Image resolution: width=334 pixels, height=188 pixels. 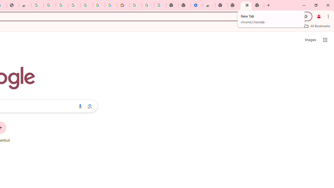 I want to click on 'Ad Settings', so click(x=50, y=5).